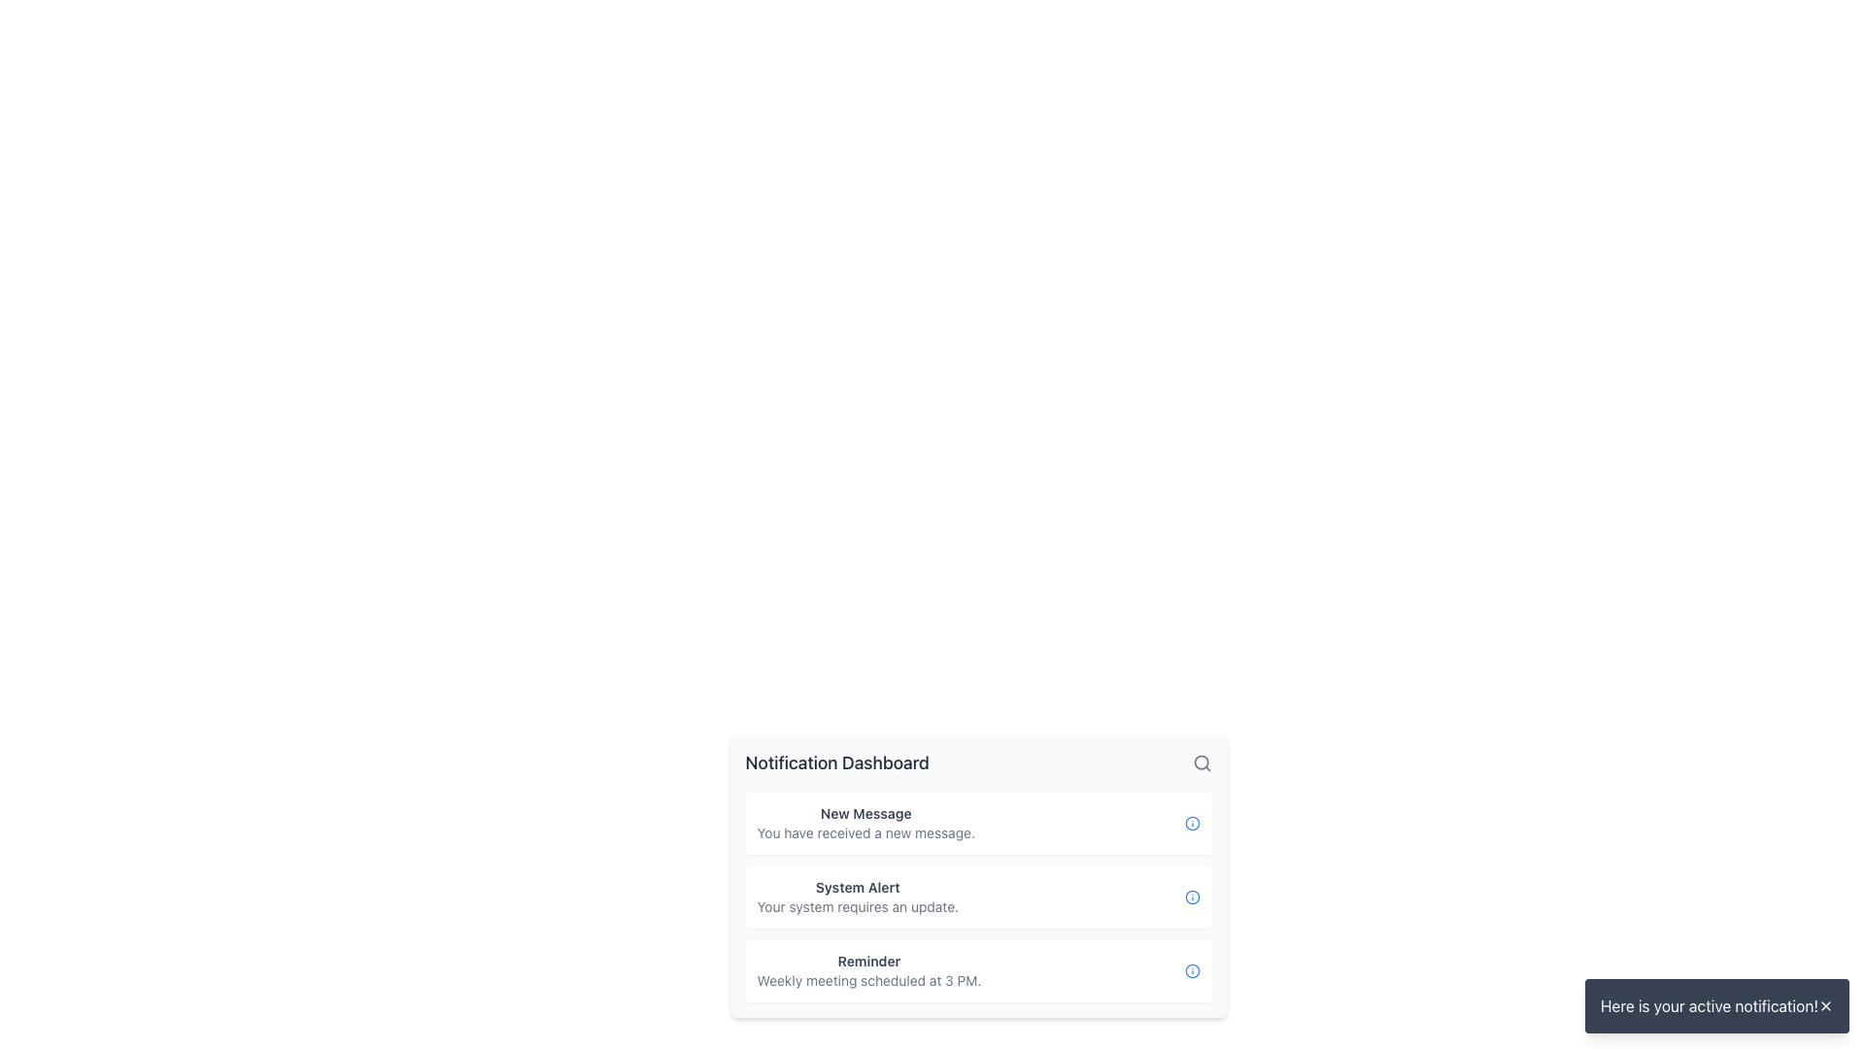 The height and width of the screenshot is (1049, 1865). I want to click on the circular icon with a blue border and white fill, which is the central component of the information symbol located at the end of the 'System Alert' notification row in the 'Notification Dashboard', so click(1191, 897).